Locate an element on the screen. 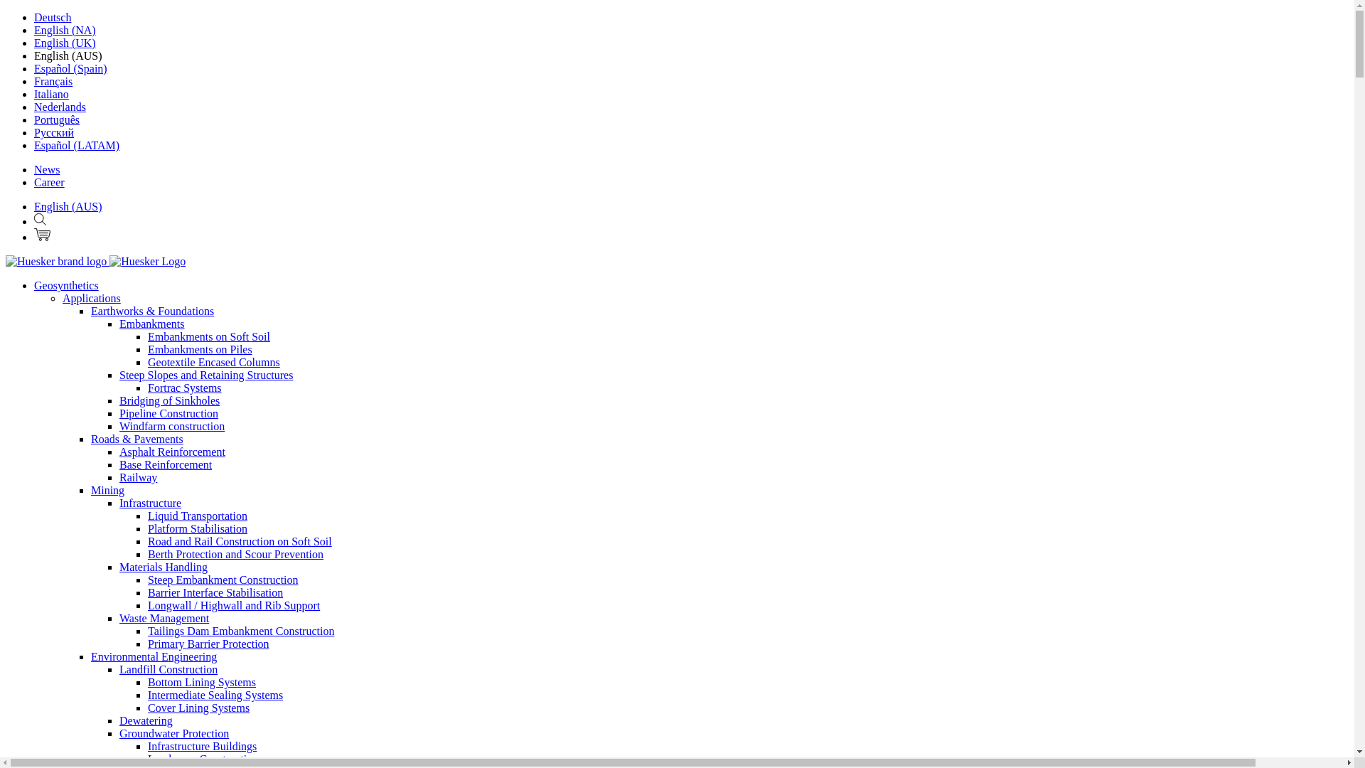  'Home' is located at coordinates (95, 261).